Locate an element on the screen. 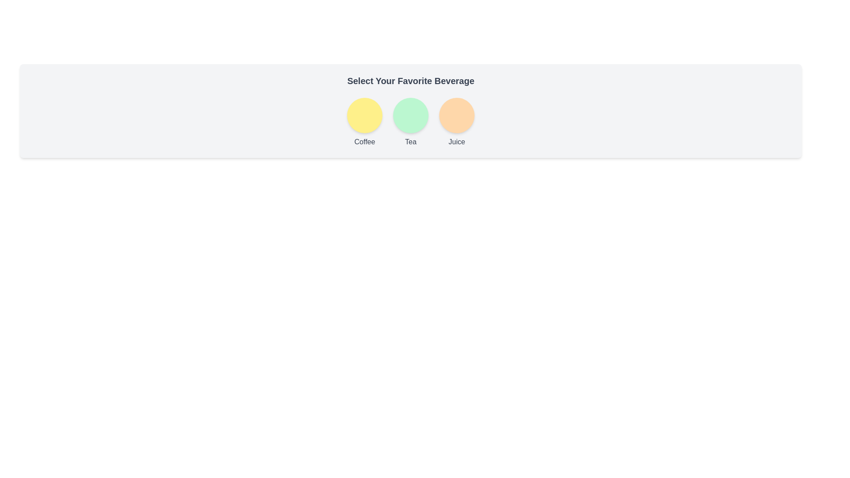  the 'Coffee' text label, which is styled in gray and positioned below a yellow circular icon in the beverage selection row is located at coordinates (365, 141).